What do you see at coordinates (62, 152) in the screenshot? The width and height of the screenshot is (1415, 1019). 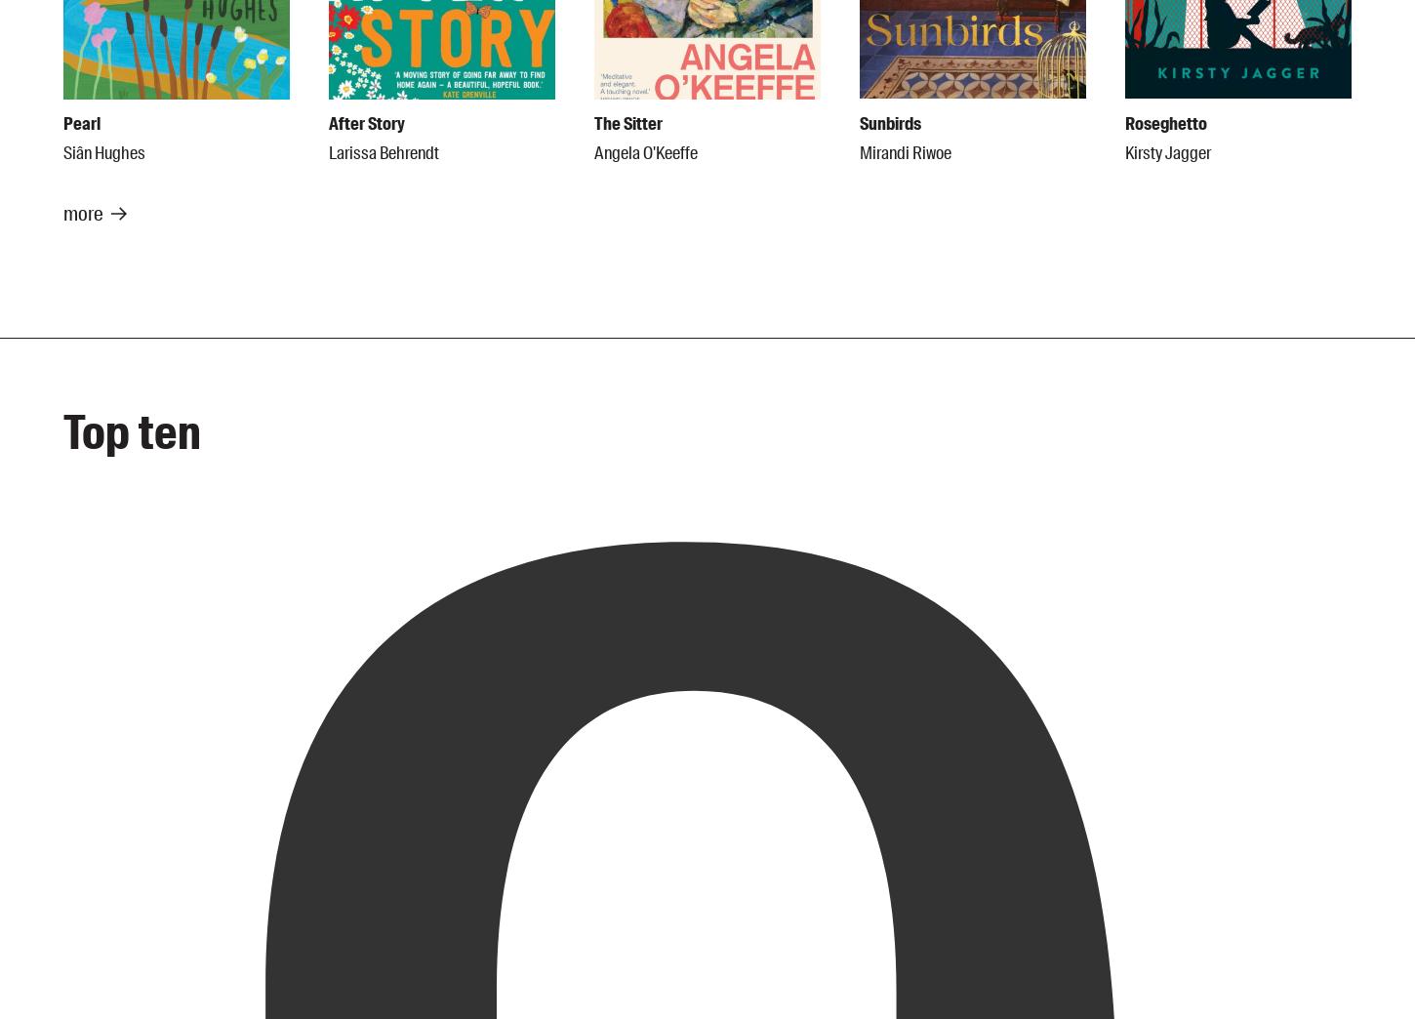 I see `'Siân Hughes'` at bounding box center [62, 152].